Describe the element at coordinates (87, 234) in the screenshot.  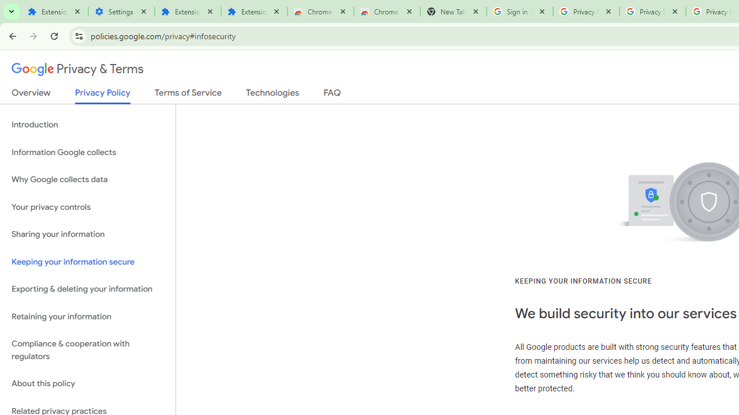
I see `'Sharing your information'` at that location.